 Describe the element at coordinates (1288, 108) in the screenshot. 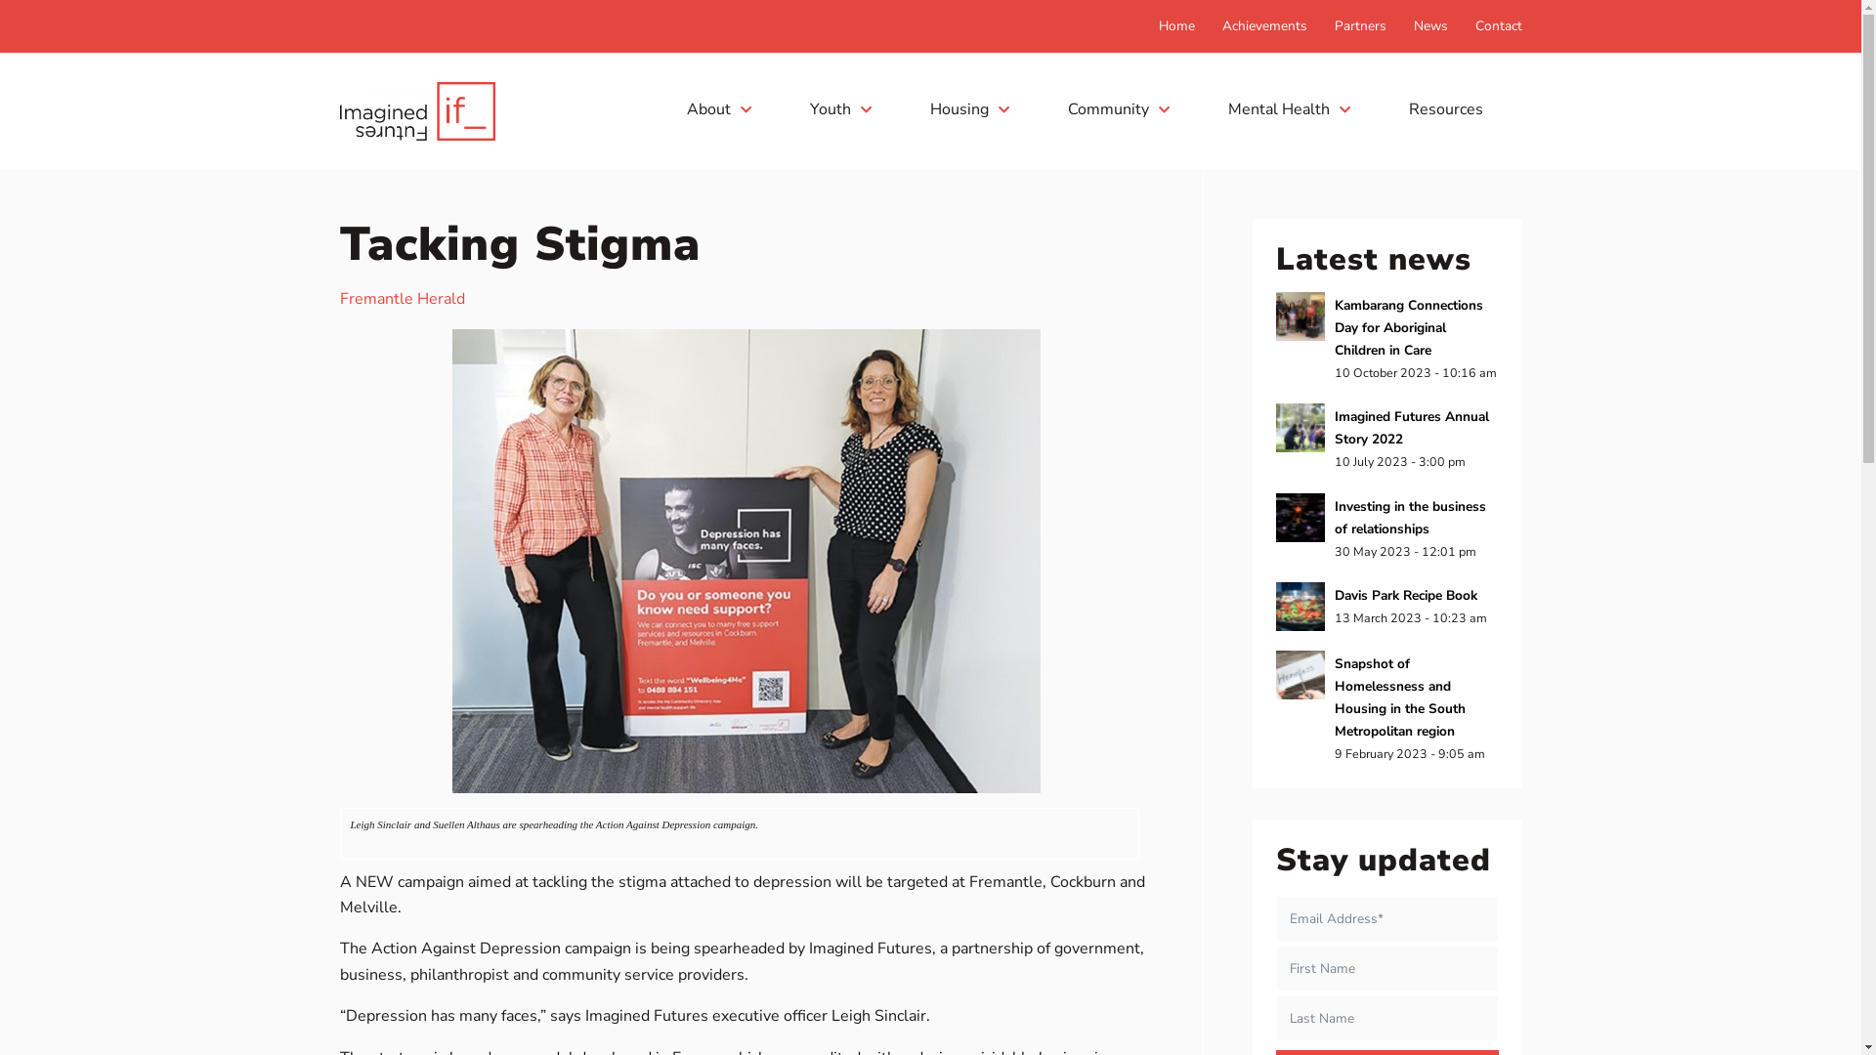

I see `'Mental Health'` at that location.